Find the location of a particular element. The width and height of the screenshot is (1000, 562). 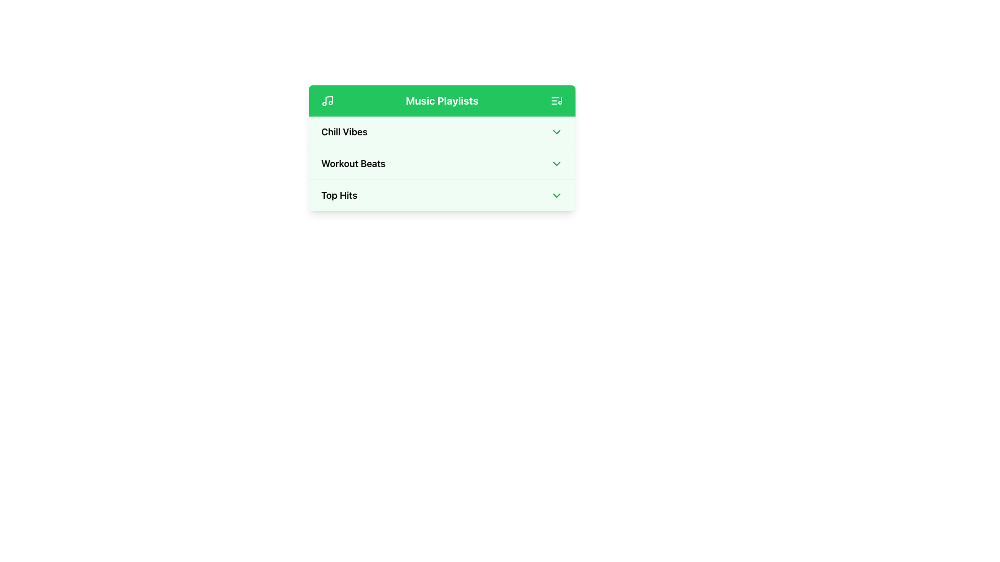

the 'Top Hits' menu item in the 'Music Playlists' is located at coordinates (442, 195).